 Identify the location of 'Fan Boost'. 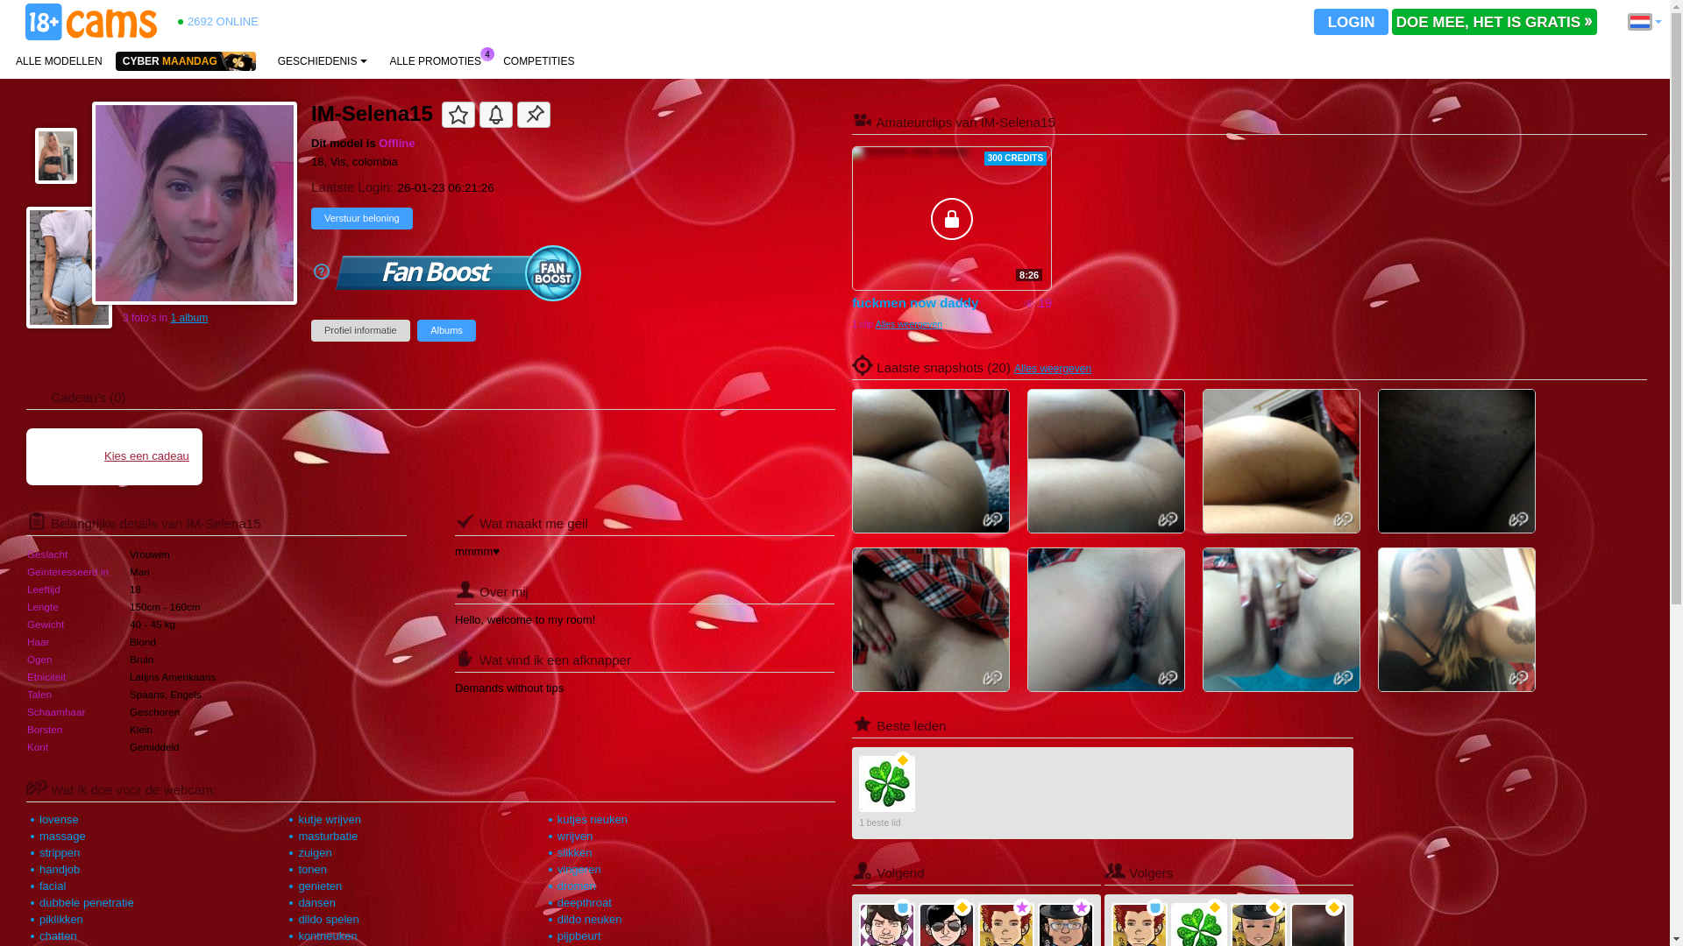
(458, 272).